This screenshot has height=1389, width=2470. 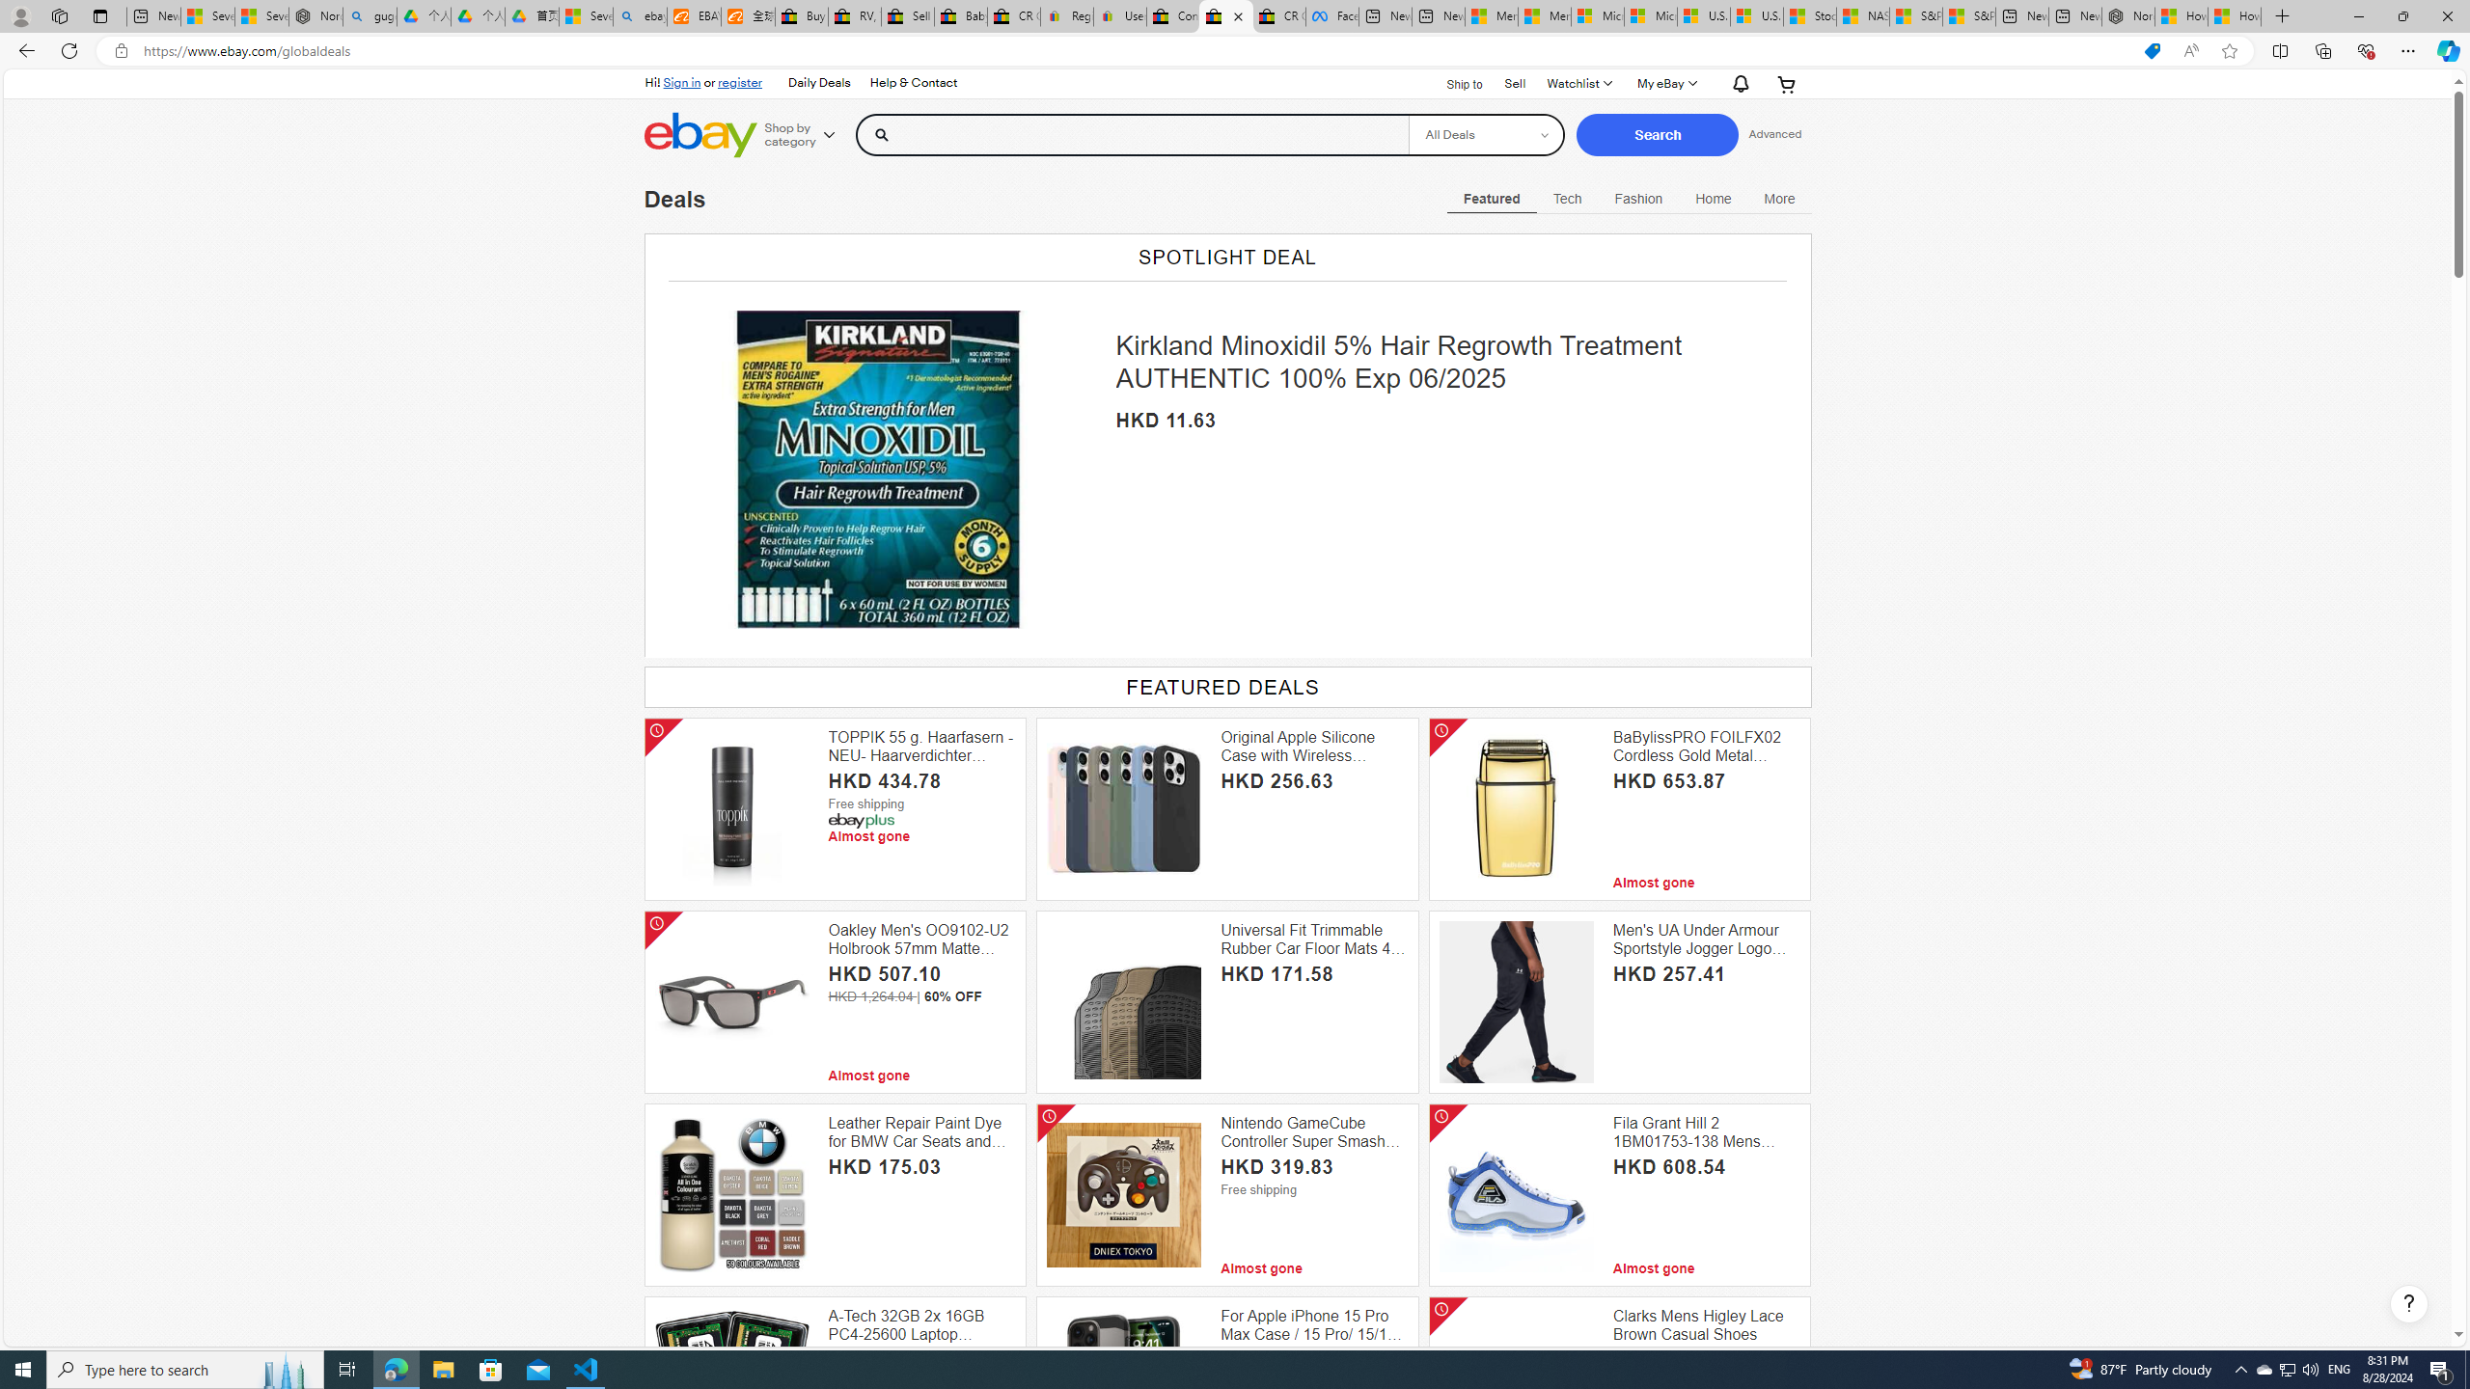 I want to click on 'Your shopping cart', so click(x=1785, y=84).